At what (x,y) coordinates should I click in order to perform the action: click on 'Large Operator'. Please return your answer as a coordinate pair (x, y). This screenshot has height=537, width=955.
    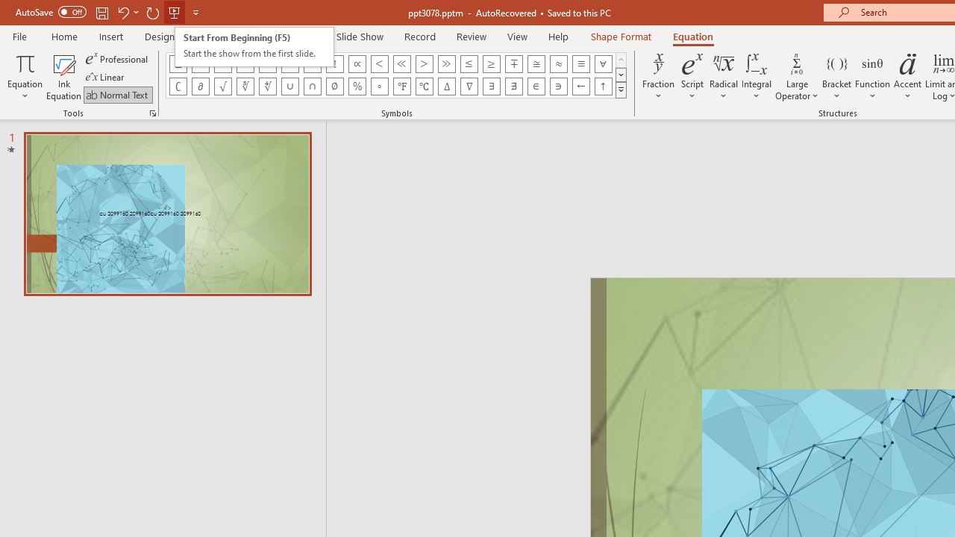
    Looking at the image, I should click on (796, 77).